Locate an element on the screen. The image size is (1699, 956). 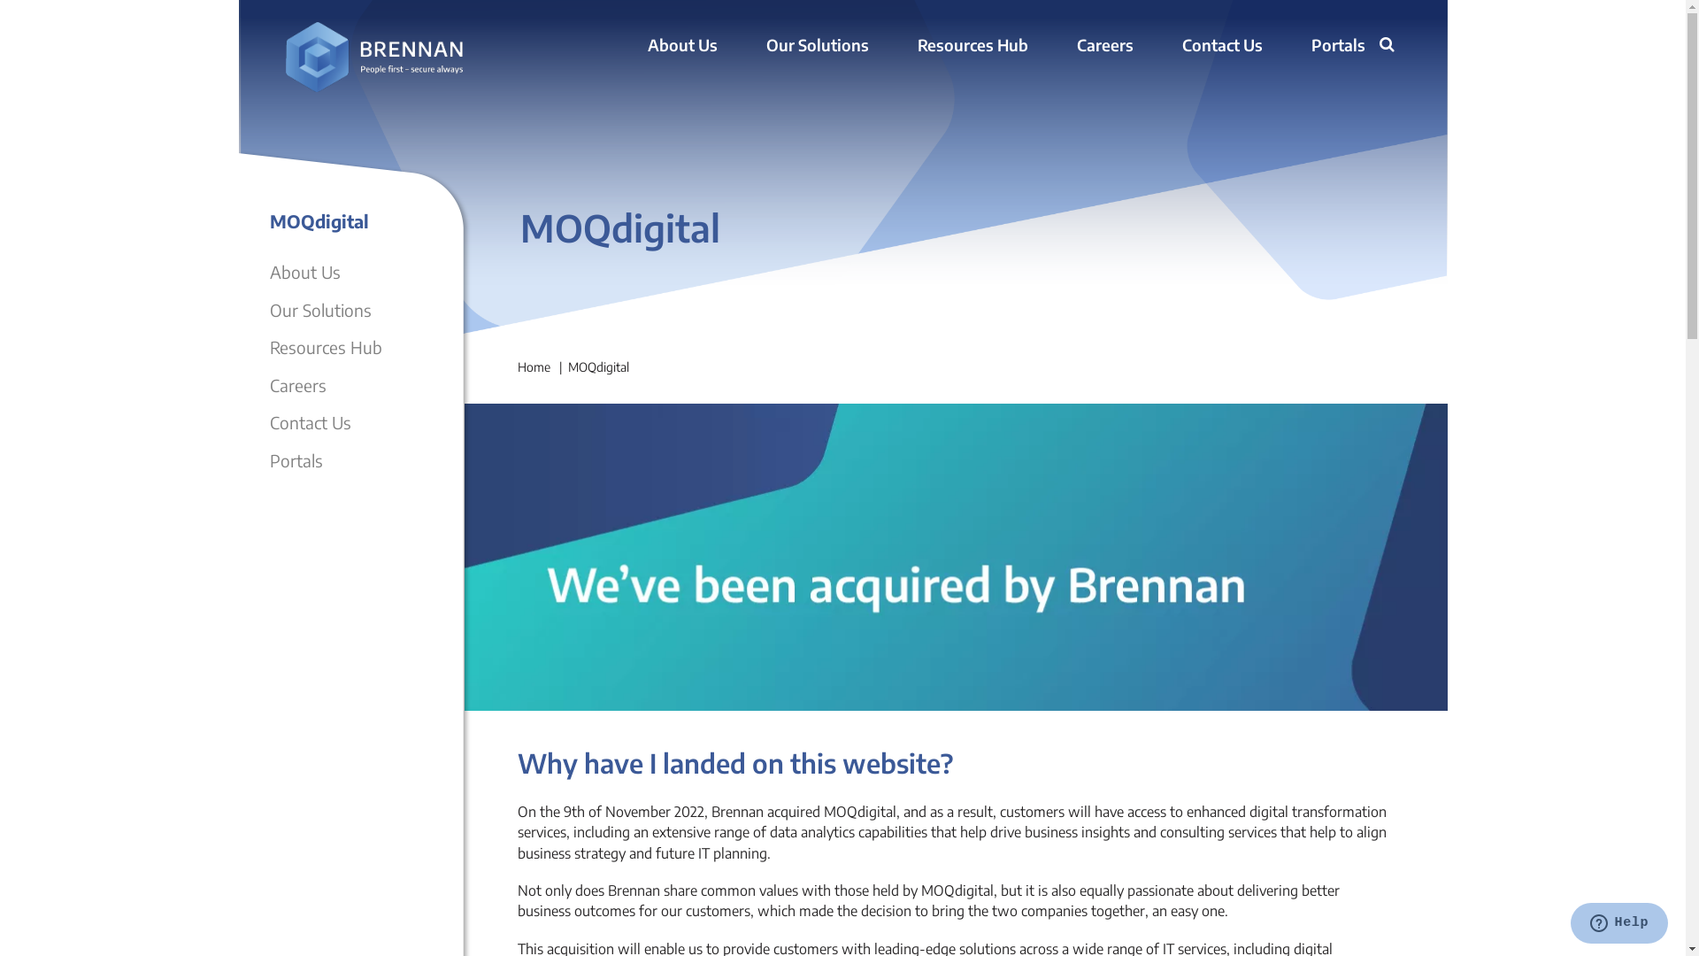
'Resources Hub' is located at coordinates (325, 347).